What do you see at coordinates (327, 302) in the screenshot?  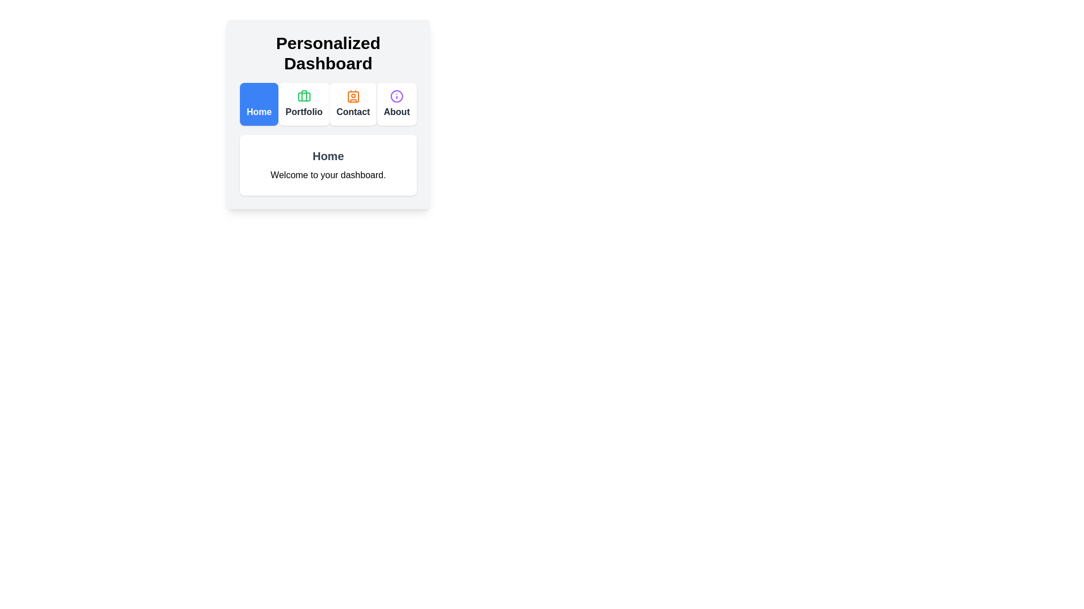 I see `the background area to focus on it` at bounding box center [327, 302].